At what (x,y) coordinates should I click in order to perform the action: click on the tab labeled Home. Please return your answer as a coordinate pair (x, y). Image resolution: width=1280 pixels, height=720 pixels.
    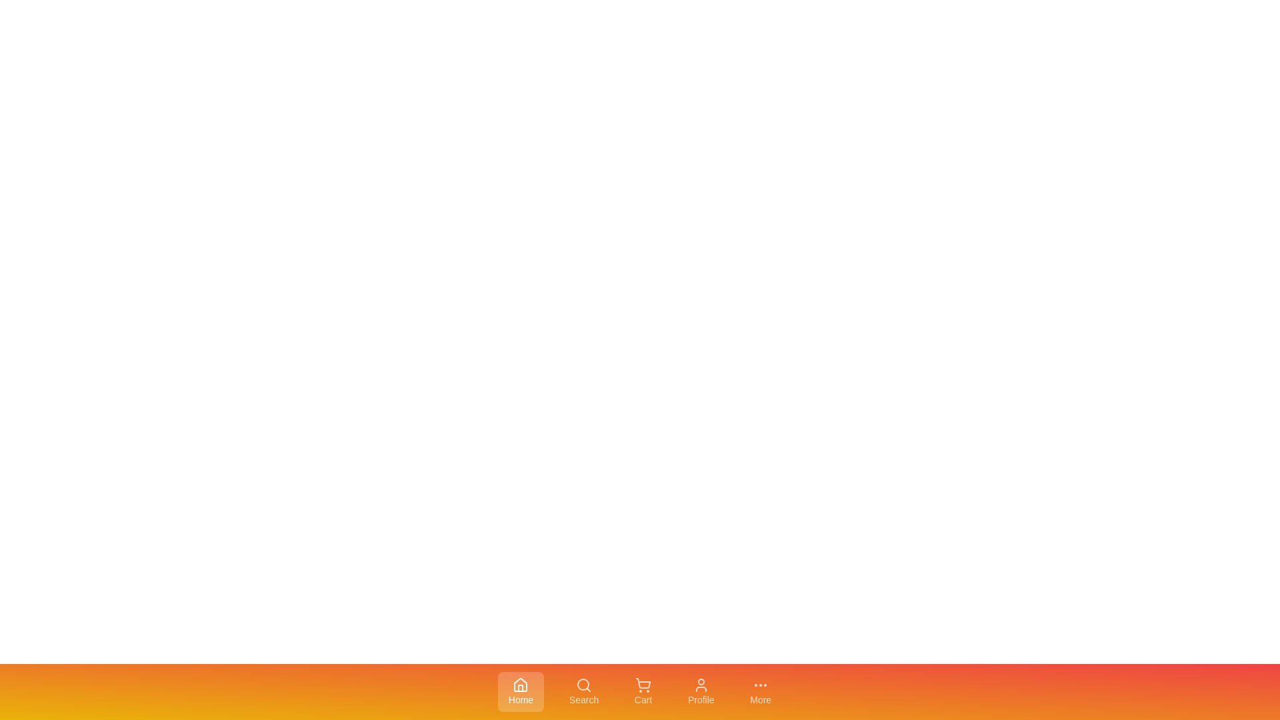
    Looking at the image, I should click on (520, 691).